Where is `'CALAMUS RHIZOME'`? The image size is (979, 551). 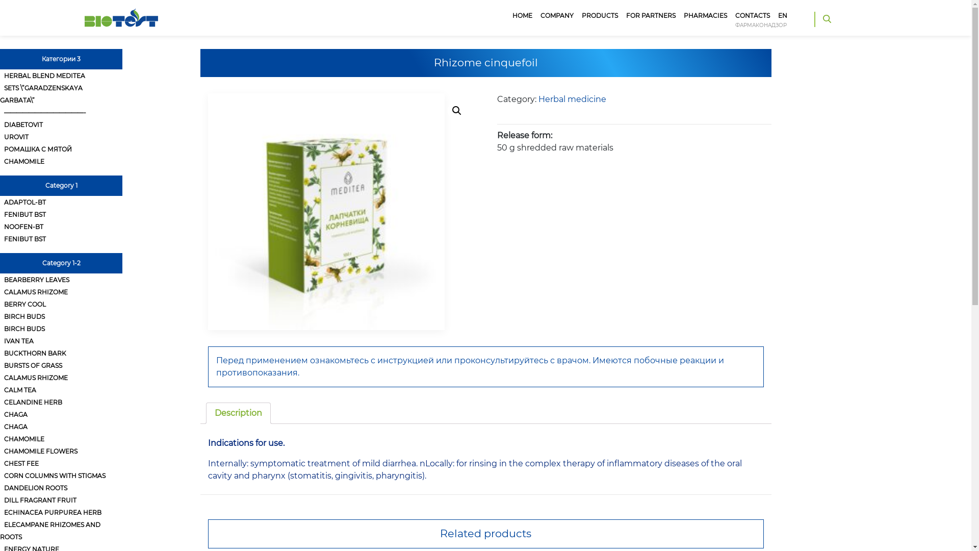
'CALAMUS RHIZOME' is located at coordinates (36, 378).